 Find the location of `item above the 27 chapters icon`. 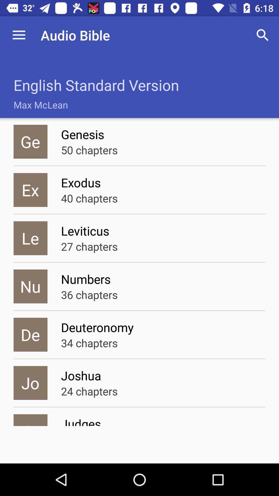

item above the 27 chapters icon is located at coordinates (163, 230).